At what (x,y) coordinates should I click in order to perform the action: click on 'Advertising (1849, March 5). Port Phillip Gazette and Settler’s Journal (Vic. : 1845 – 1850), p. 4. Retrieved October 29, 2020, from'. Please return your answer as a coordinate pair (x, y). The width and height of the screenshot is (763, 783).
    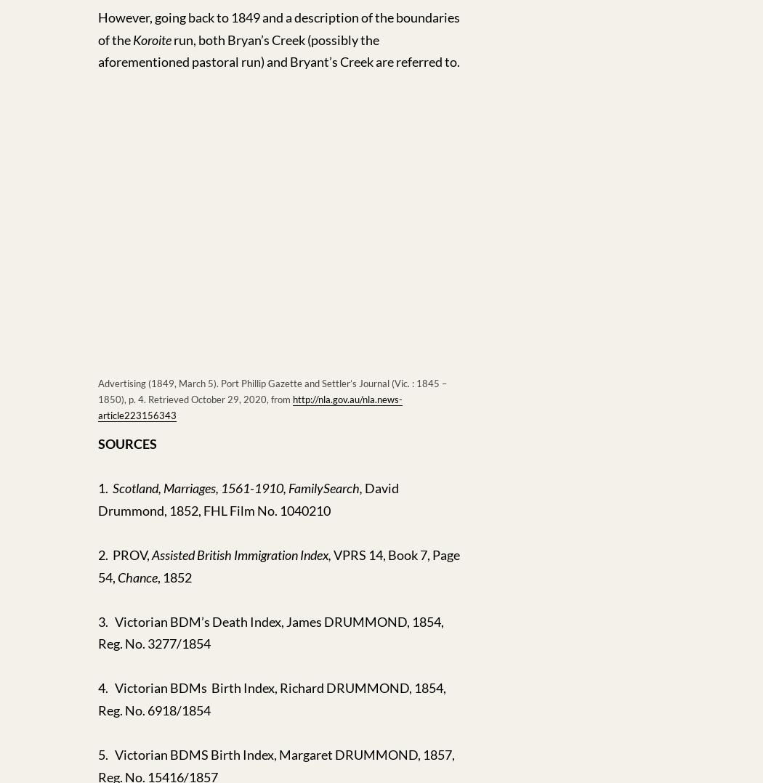
    Looking at the image, I should click on (271, 391).